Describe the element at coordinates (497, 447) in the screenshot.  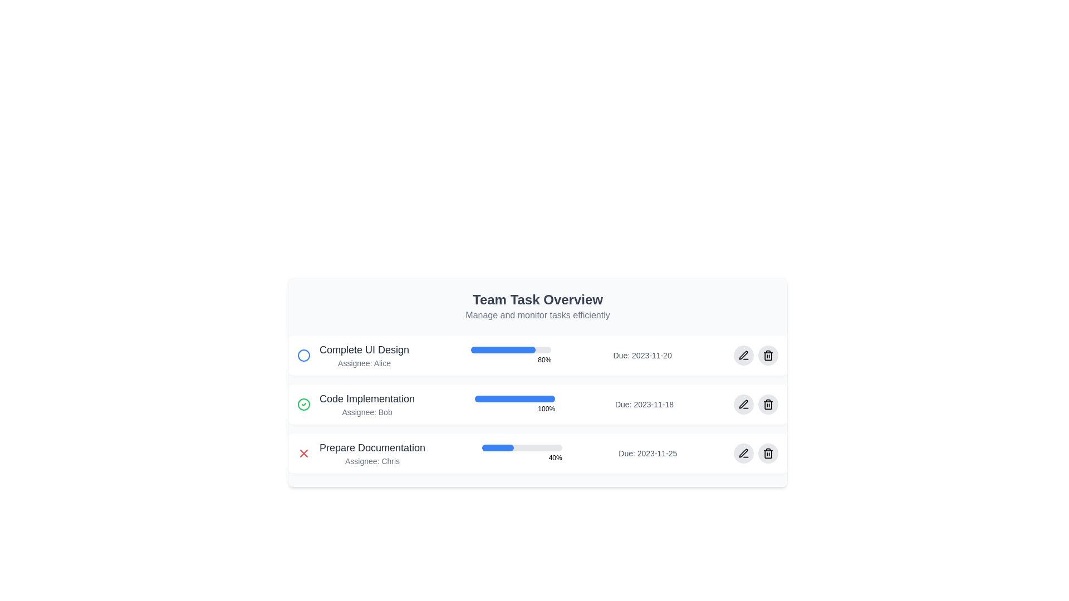
I see `filled segment of the progress bar for the task 'Prepare Documentation' located in the third row of the task list` at that location.